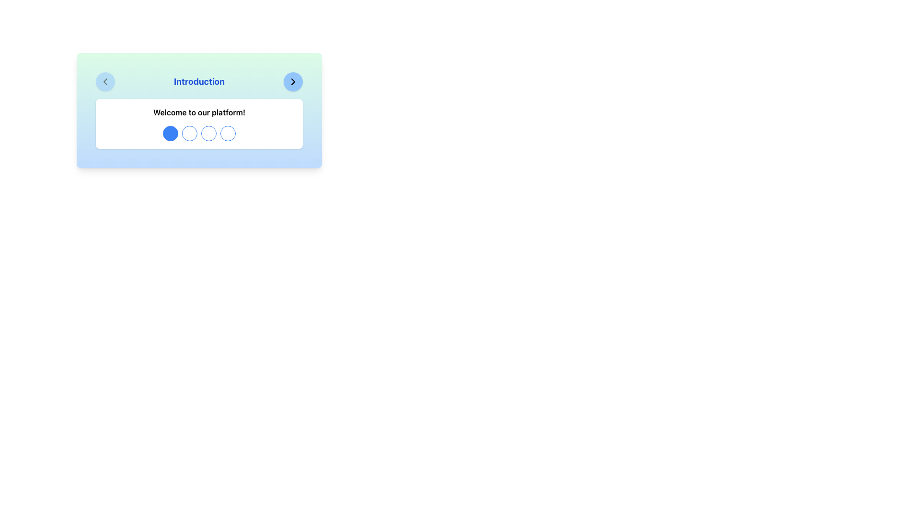  What do you see at coordinates (105, 81) in the screenshot?
I see `the circular blue button with a left-pointing chevron icon located in the top-left corner of the 'Introduction' section` at bounding box center [105, 81].